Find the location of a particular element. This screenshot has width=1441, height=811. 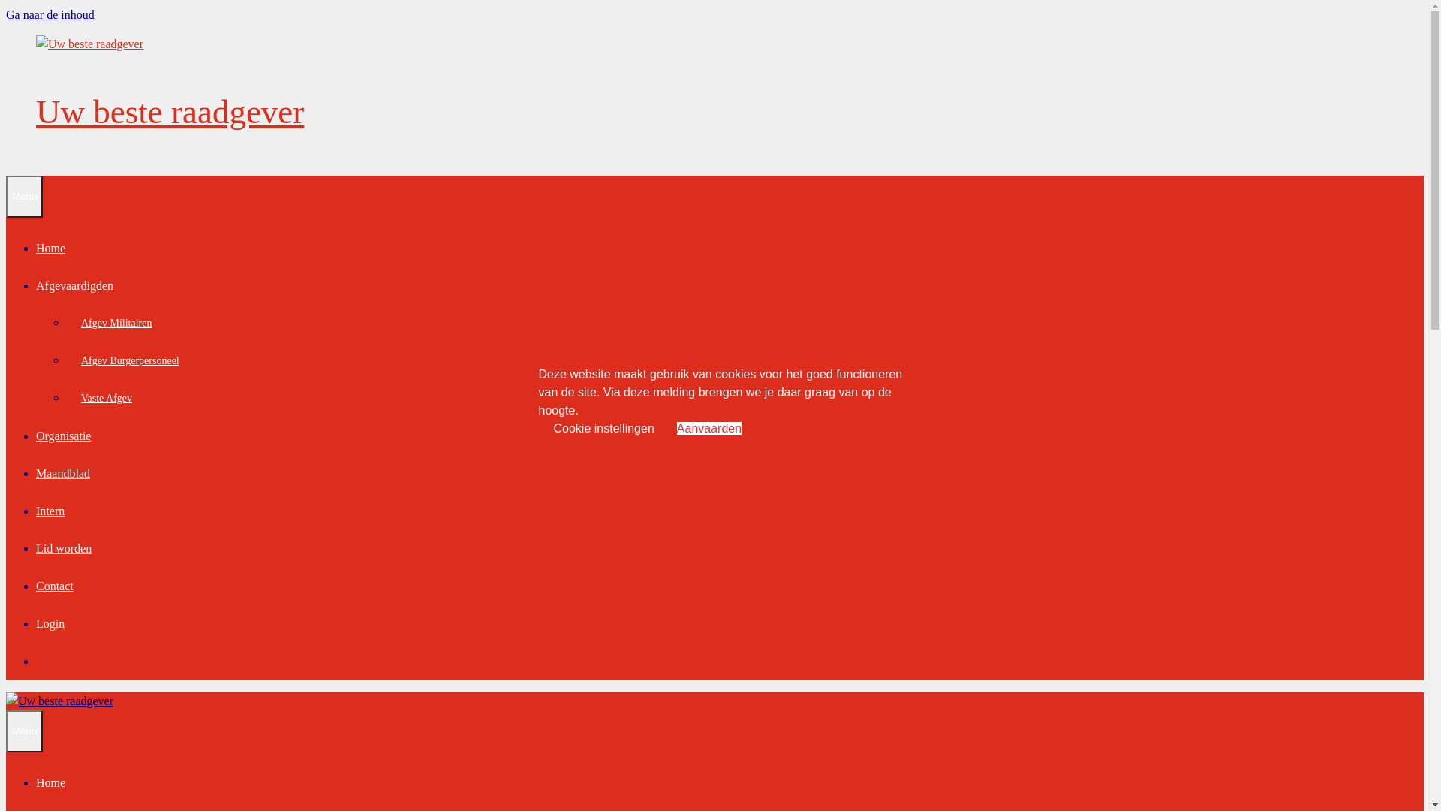

'Menu' is located at coordinates (24, 196).